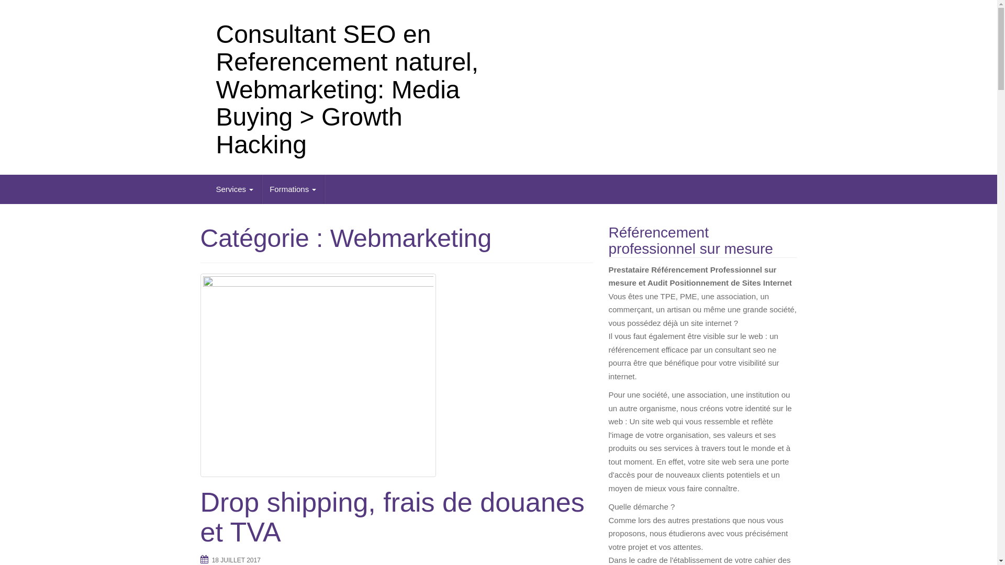 This screenshot has height=565, width=1005. I want to click on 'Drop shipping, frais de douanes et TVA', so click(396, 375).